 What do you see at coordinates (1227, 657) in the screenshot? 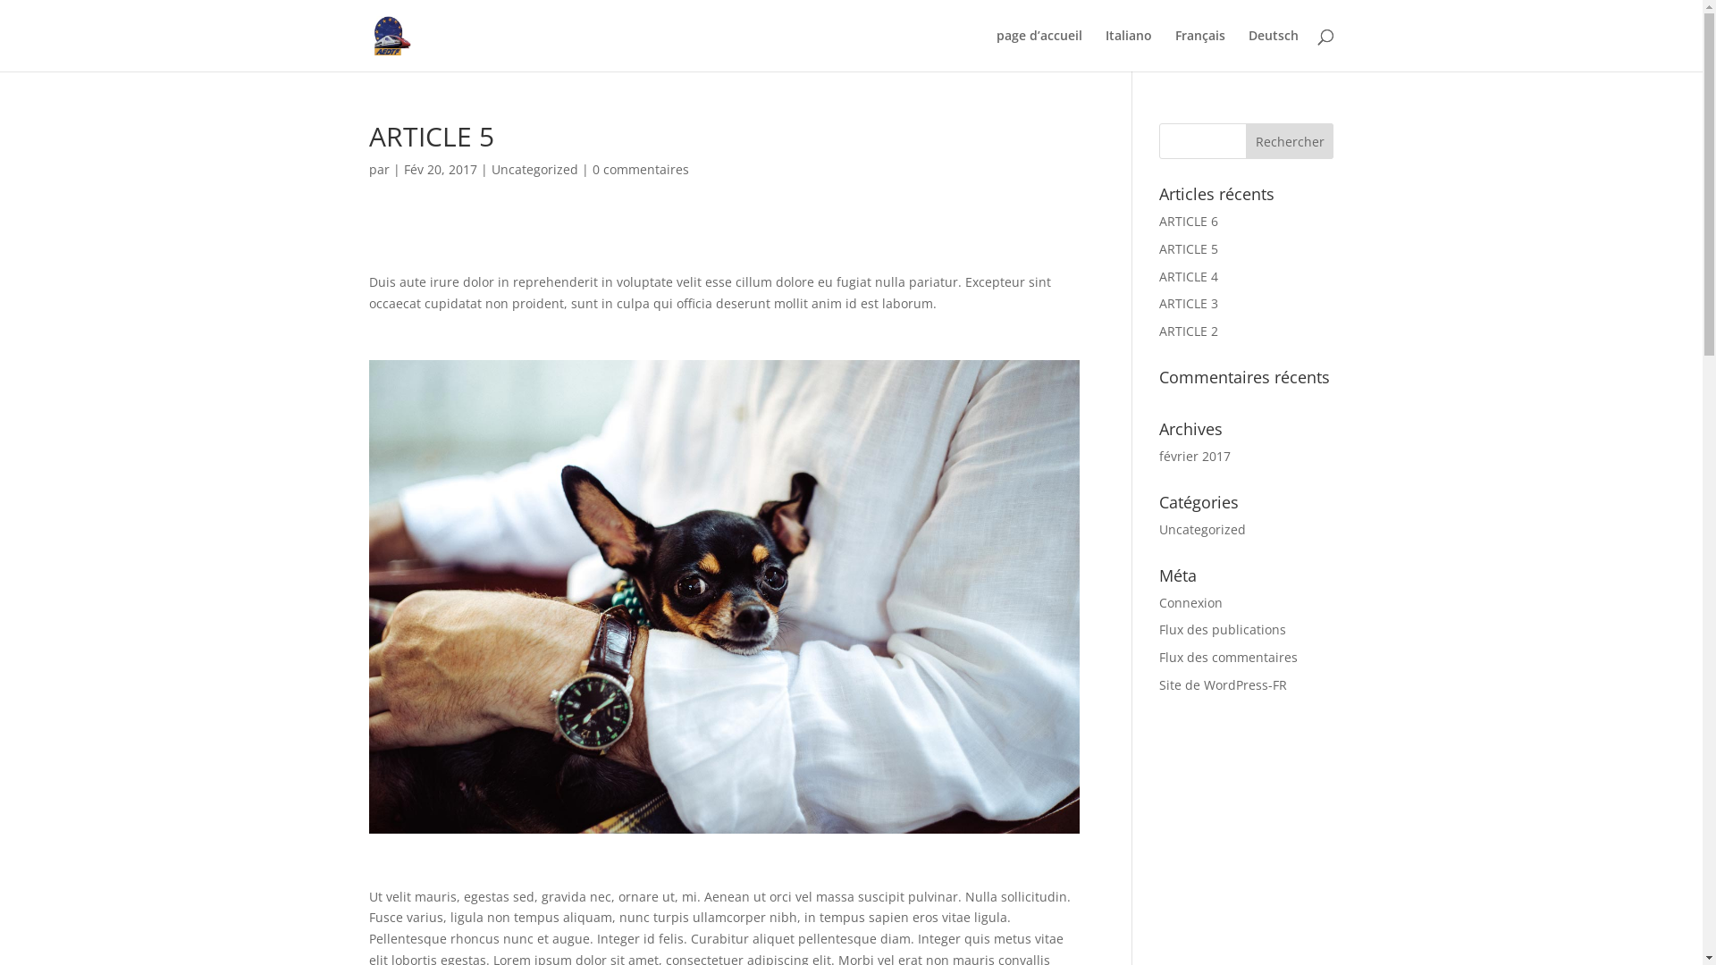
I see `'Flux des commentaires'` at bounding box center [1227, 657].